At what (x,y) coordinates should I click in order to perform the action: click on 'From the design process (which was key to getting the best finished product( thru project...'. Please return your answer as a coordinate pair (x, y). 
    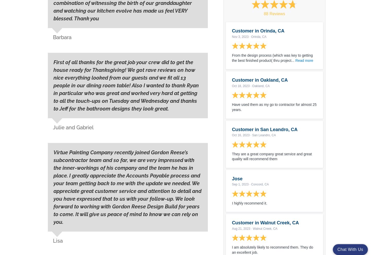
    Looking at the image, I should click on (272, 57).